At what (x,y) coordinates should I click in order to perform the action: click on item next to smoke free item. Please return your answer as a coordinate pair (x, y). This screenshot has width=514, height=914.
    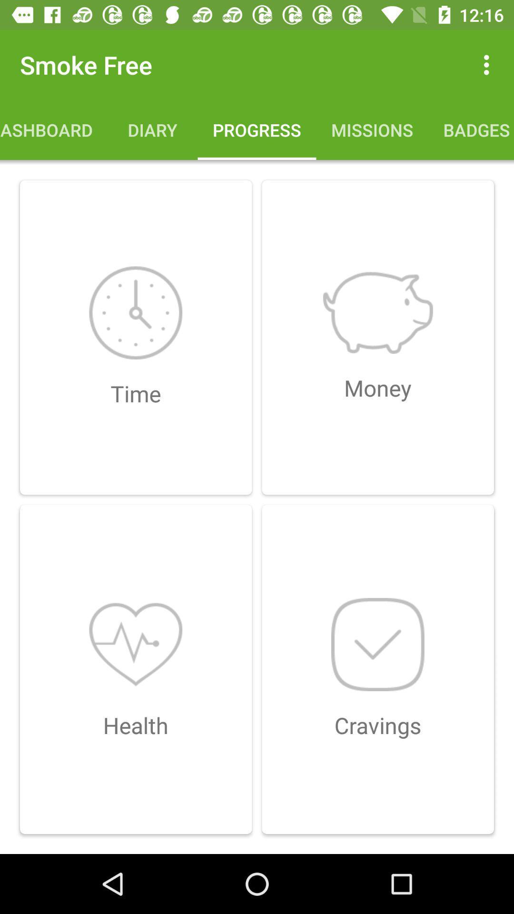
    Looking at the image, I should click on (489, 64).